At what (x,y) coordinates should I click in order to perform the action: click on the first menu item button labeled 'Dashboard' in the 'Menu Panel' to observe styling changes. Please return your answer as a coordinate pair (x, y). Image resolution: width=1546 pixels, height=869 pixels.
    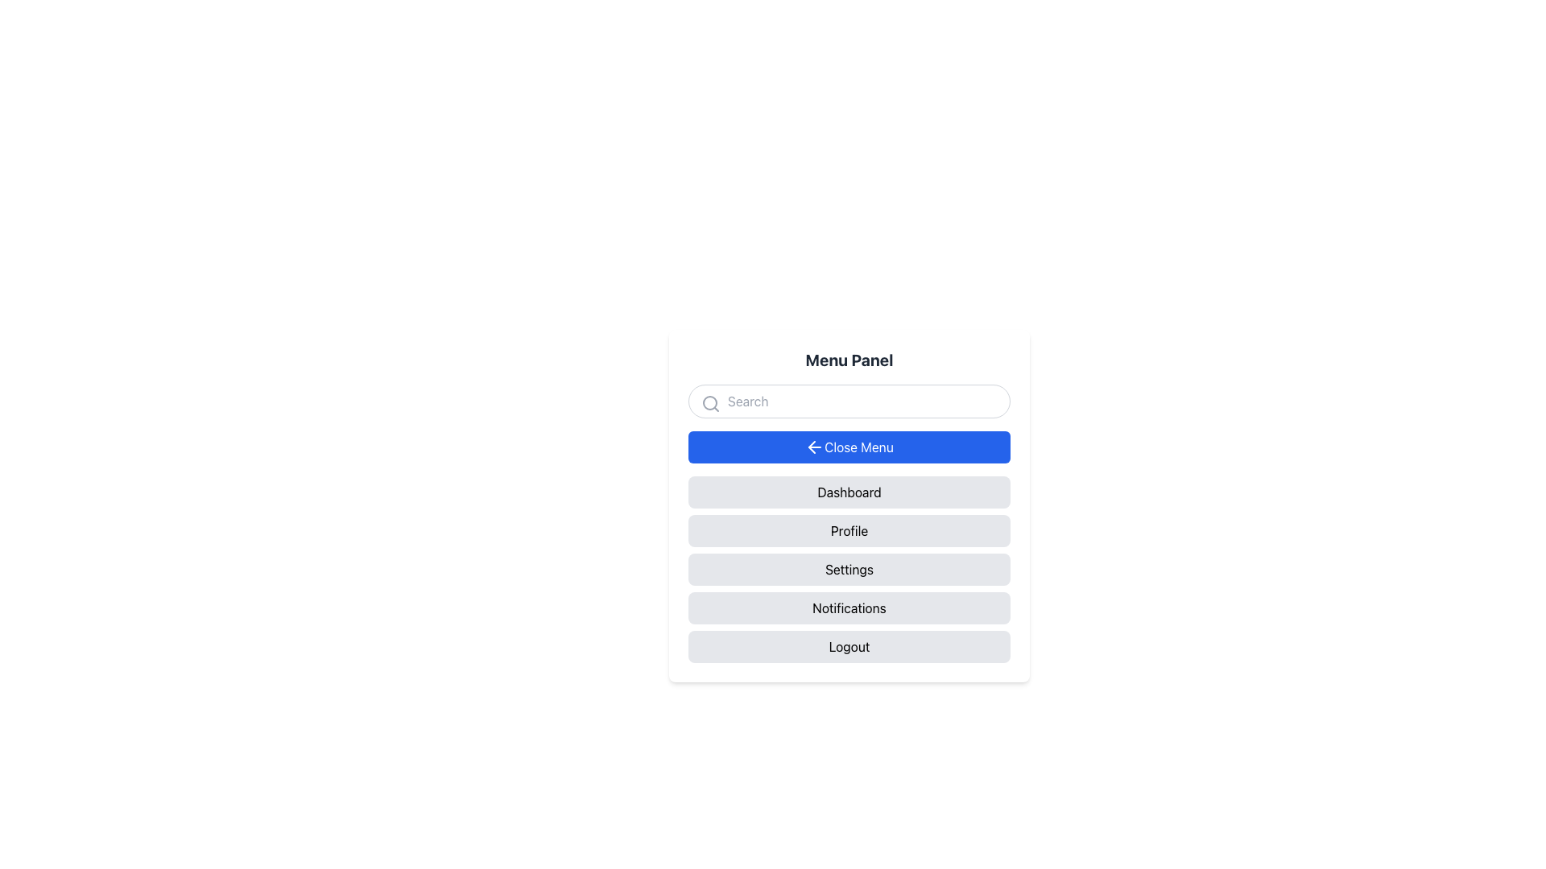
    Looking at the image, I should click on (849, 492).